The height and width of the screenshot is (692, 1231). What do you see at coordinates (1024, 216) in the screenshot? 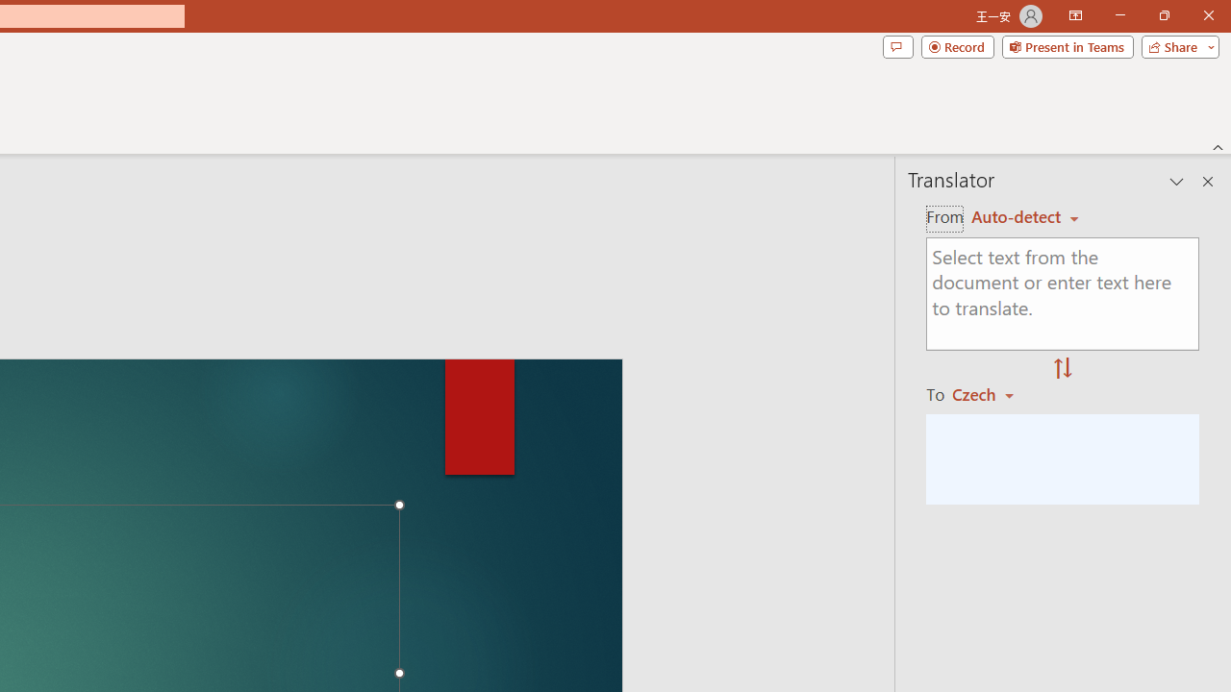
I see `'Auto-detect'` at bounding box center [1024, 216].